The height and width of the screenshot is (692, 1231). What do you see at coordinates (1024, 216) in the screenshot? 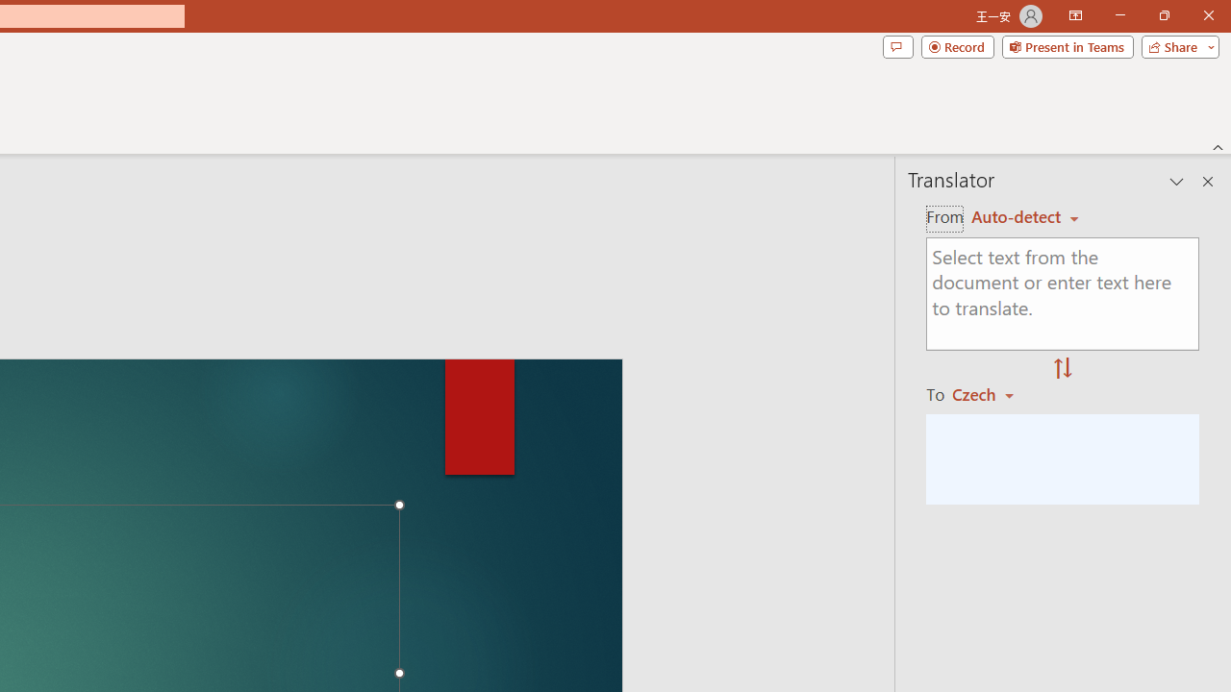
I see `'Auto-detect'` at bounding box center [1024, 216].